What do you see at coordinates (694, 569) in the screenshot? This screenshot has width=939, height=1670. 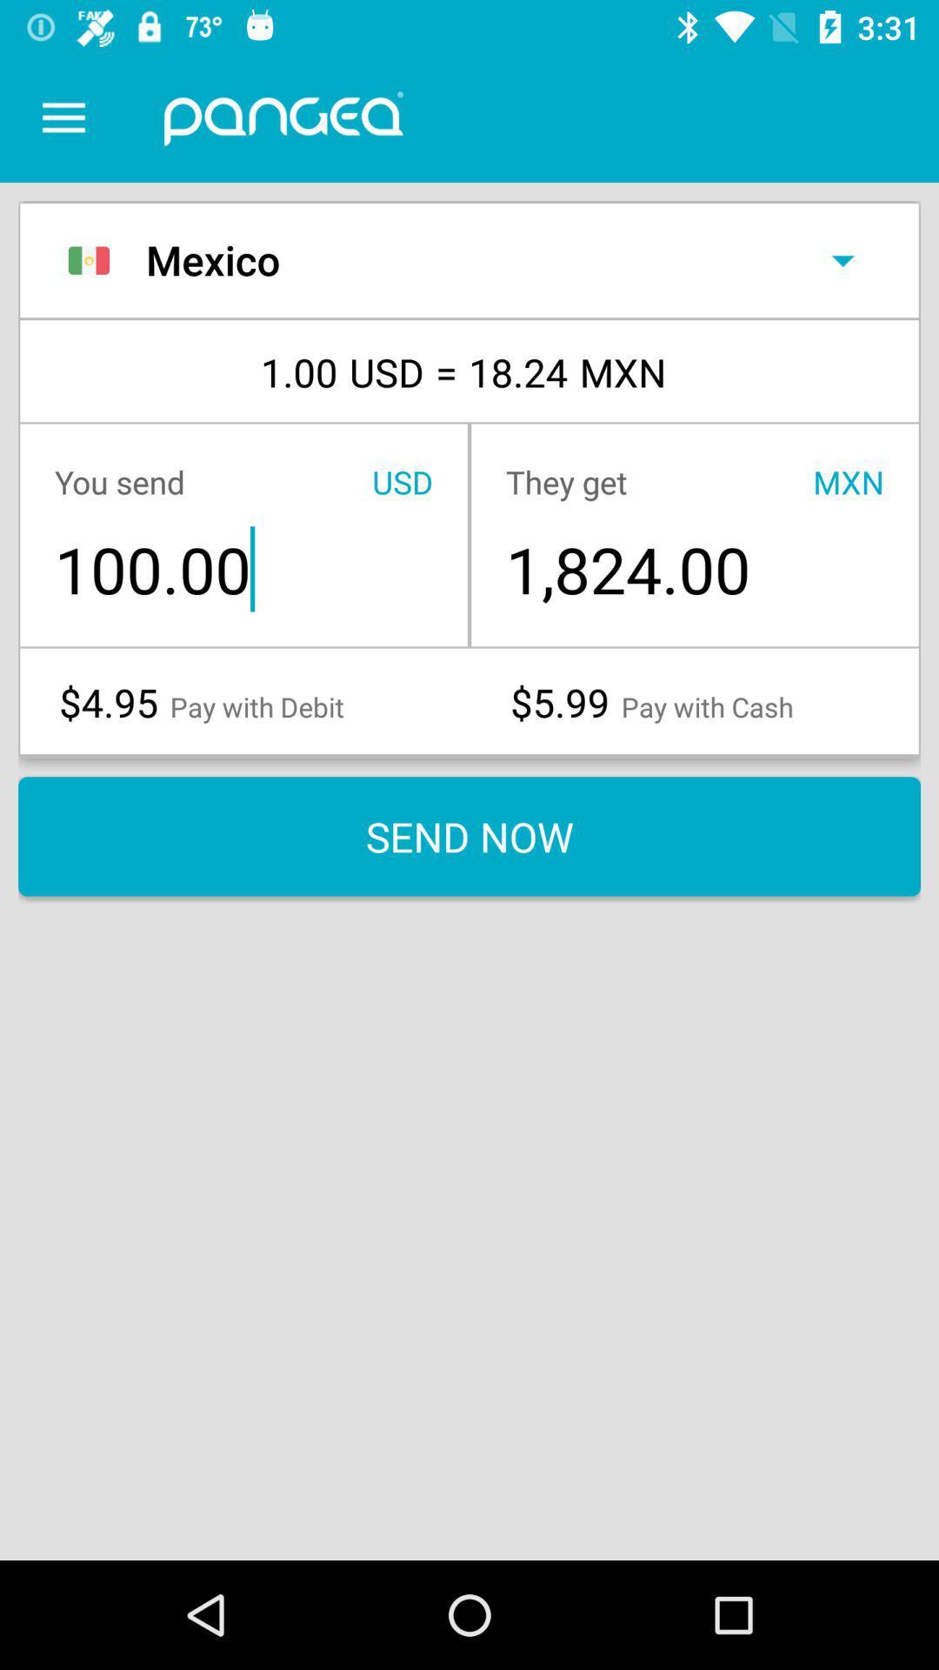 I see `the item below they get` at bounding box center [694, 569].